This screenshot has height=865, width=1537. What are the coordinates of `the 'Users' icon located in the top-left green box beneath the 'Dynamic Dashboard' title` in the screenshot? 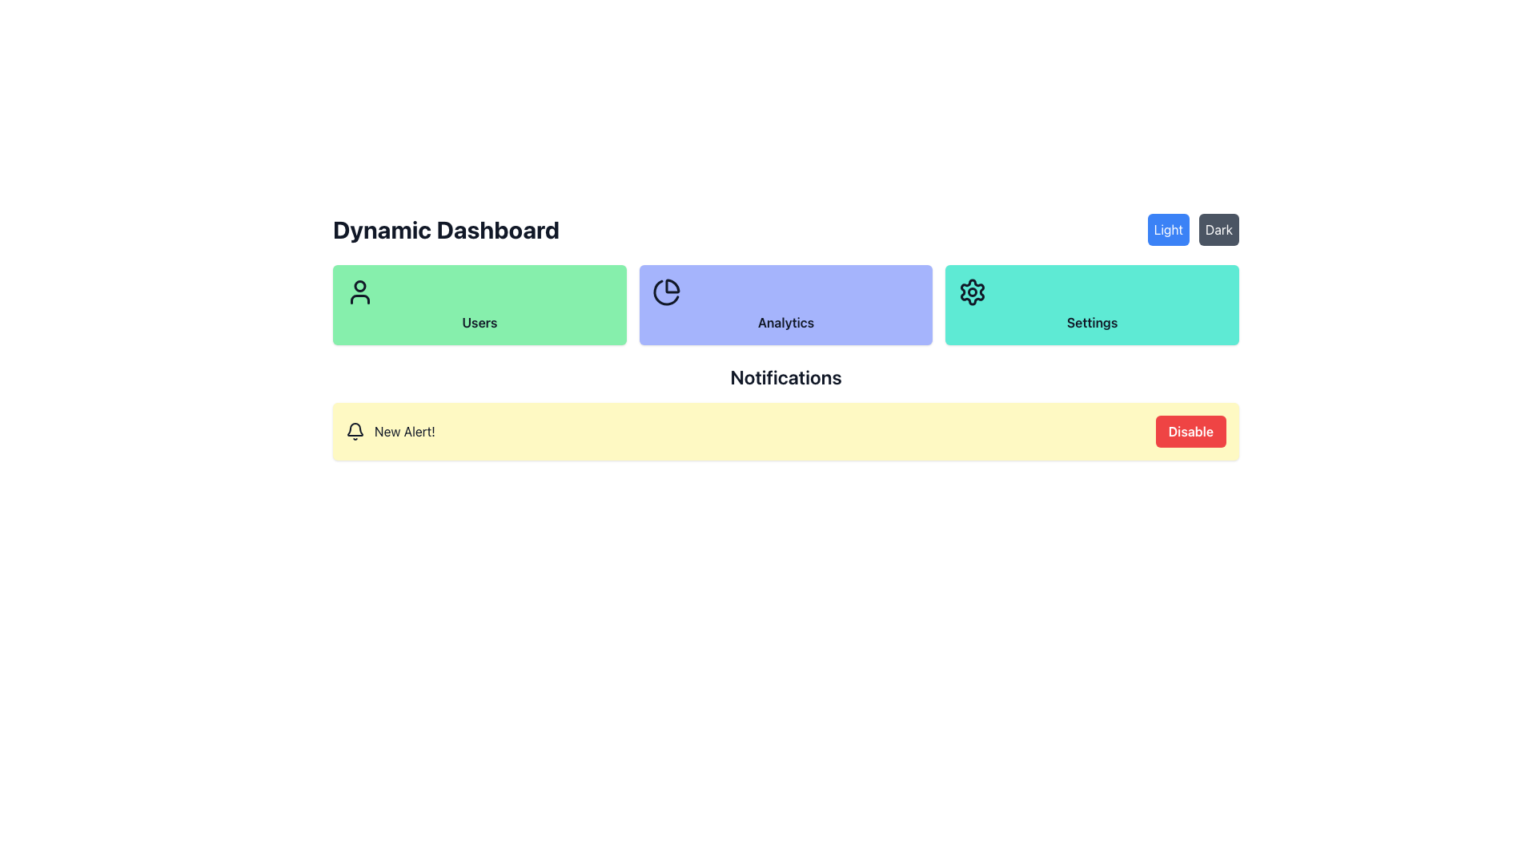 It's located at (359, 292).